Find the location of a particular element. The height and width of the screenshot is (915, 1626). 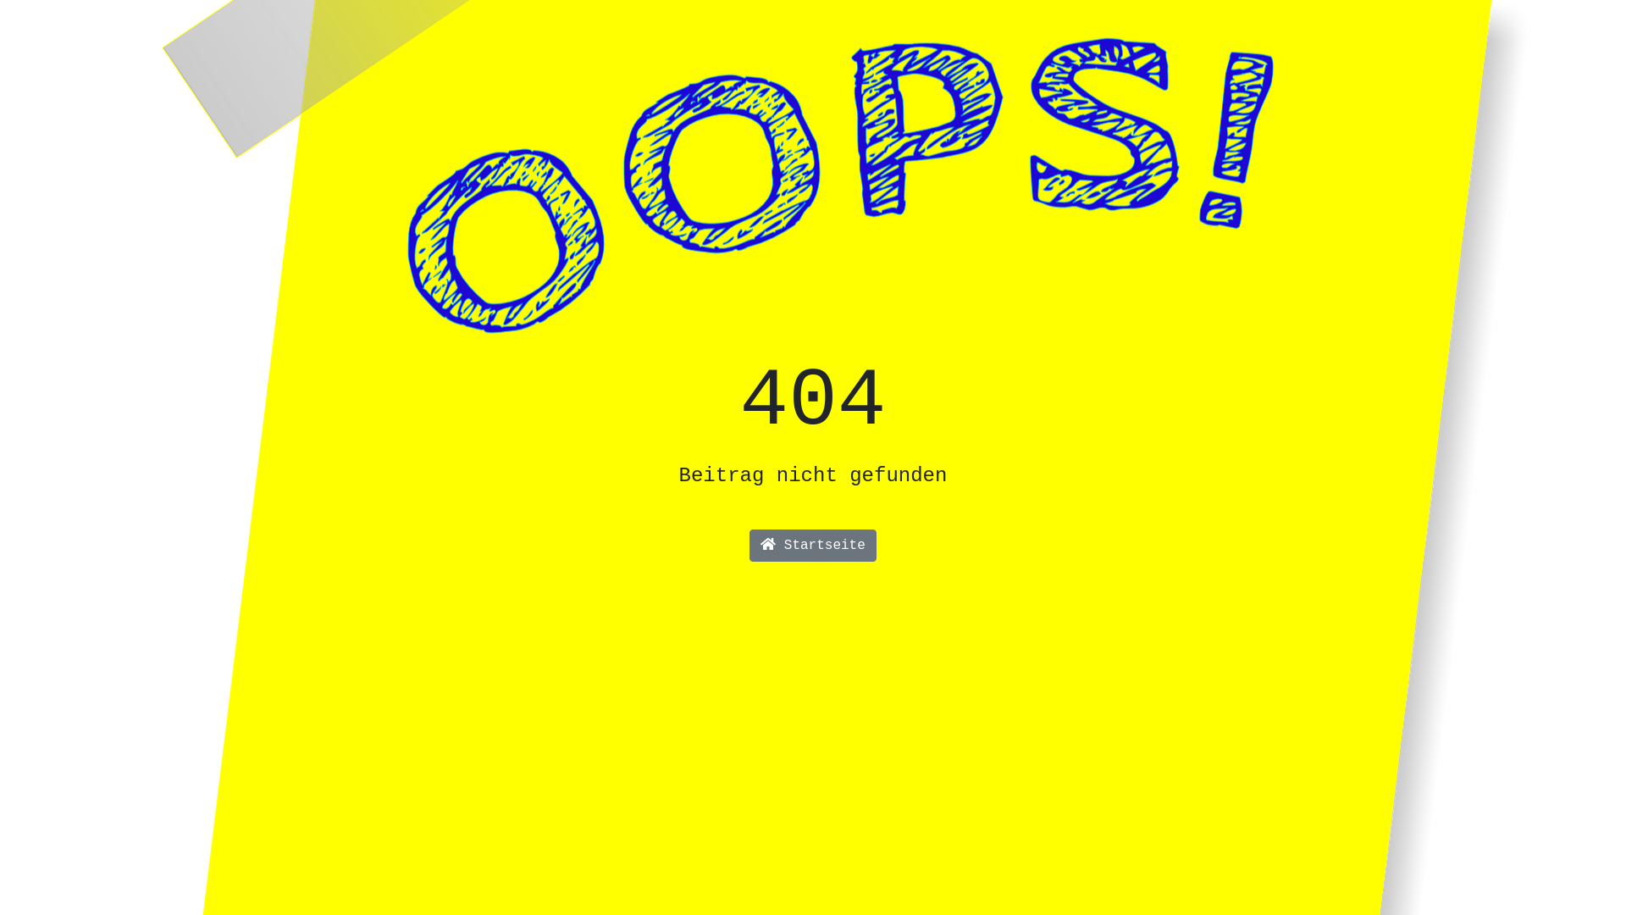

'Startseite' is located at coordinates (754, 546).